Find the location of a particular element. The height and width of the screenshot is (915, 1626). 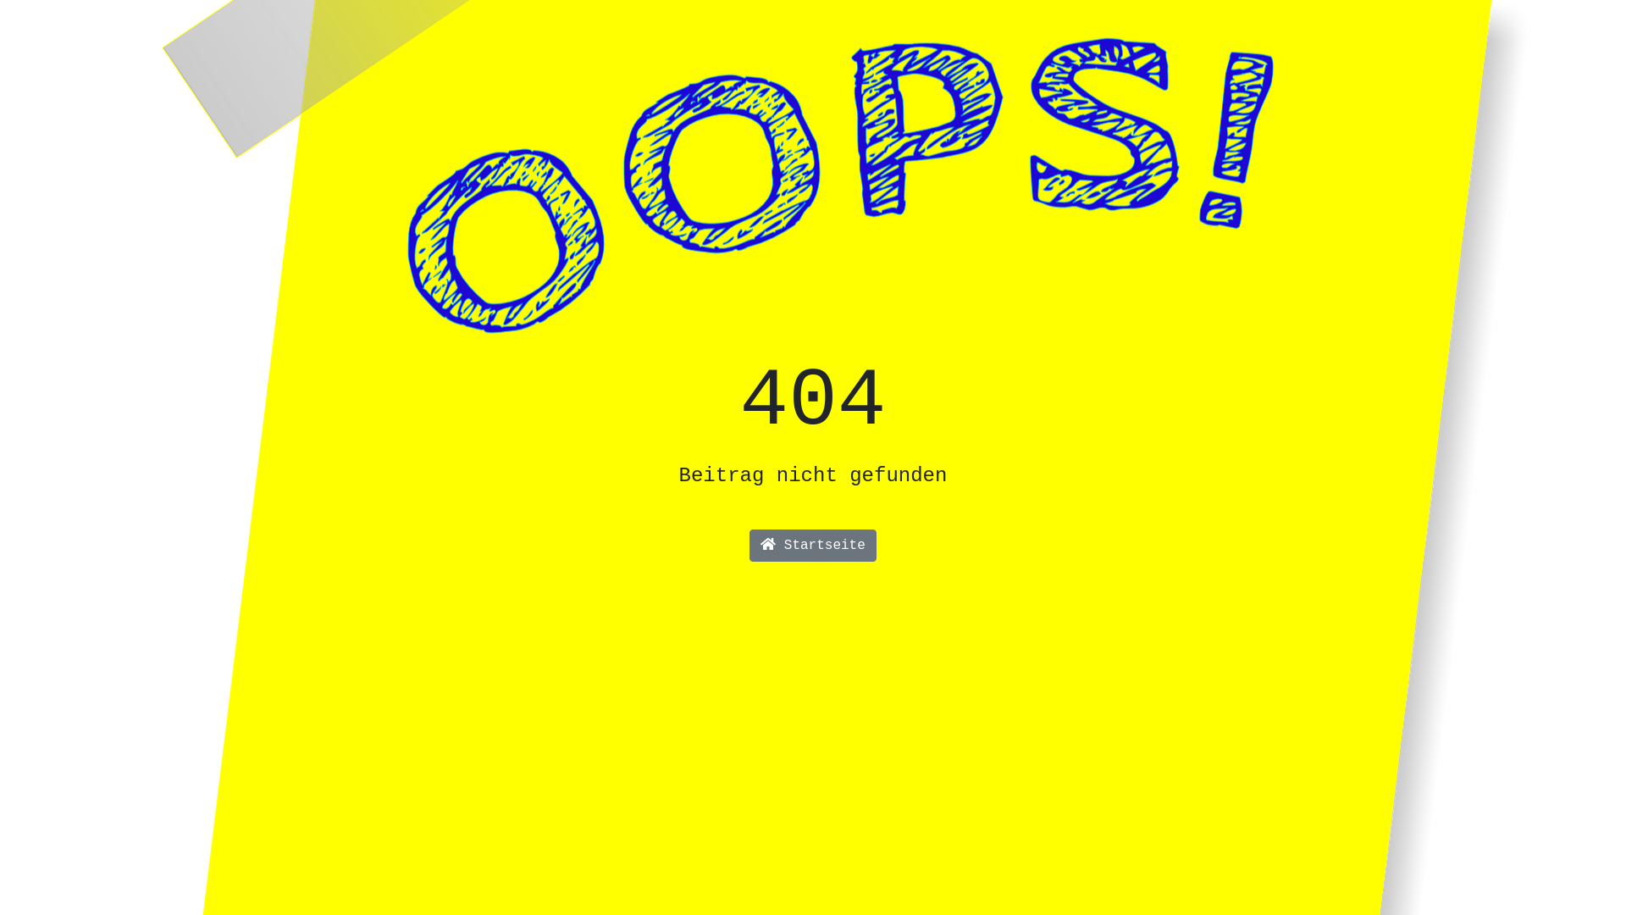

'Startseite' is located at coordinates (754, 546).